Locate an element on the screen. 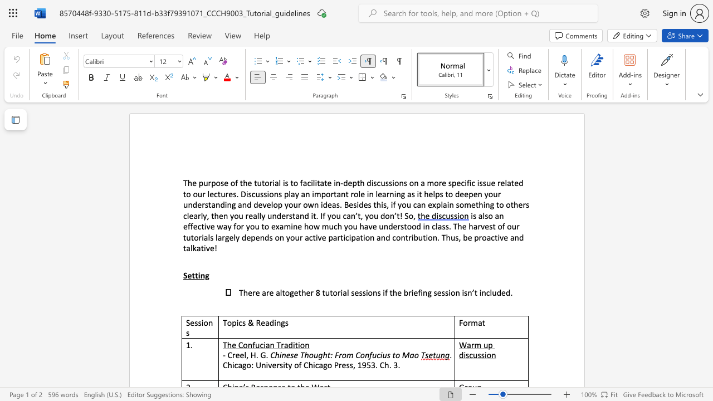 The width and height of the screenshot is (713, 401). the 1th character "n" in the text is located at coordinates (484, 292).